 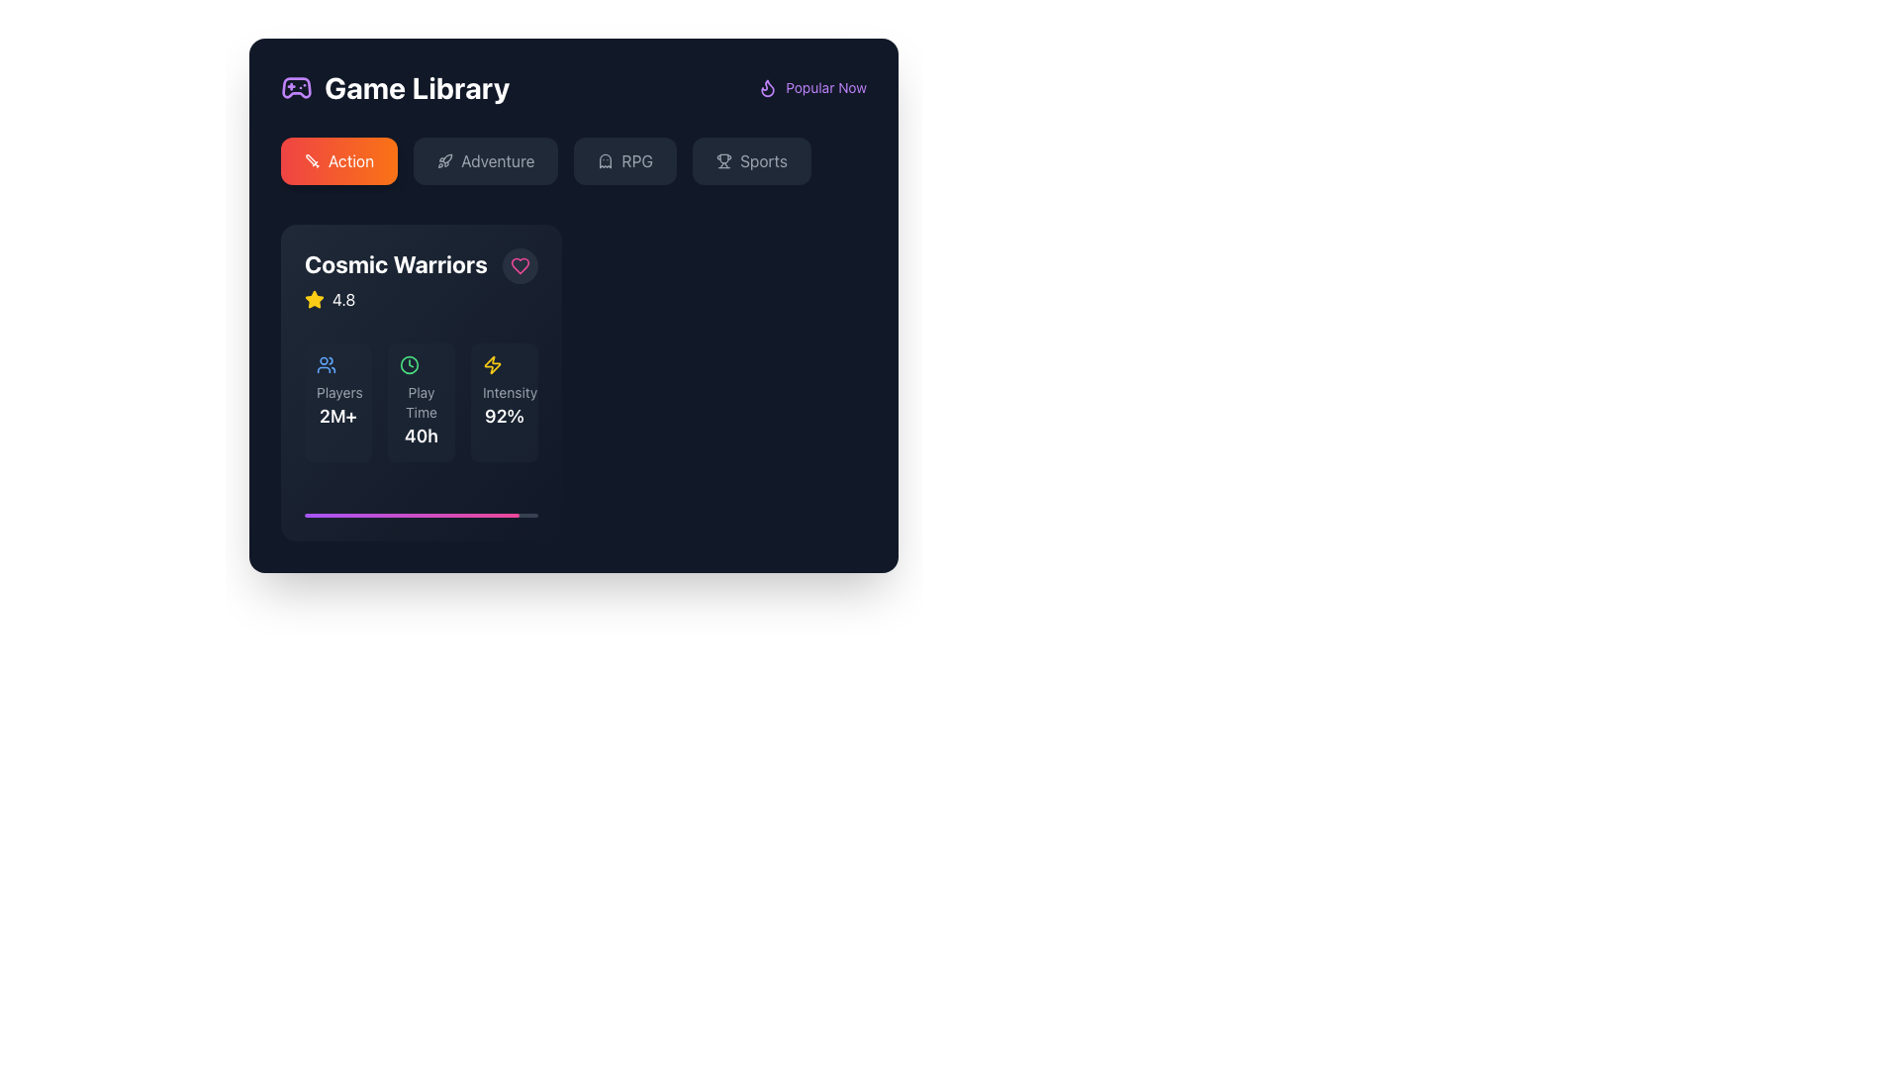 I want to click on the Text label displaying the title of the game 'Cosmic Warriors', so click(x=396, y=262).